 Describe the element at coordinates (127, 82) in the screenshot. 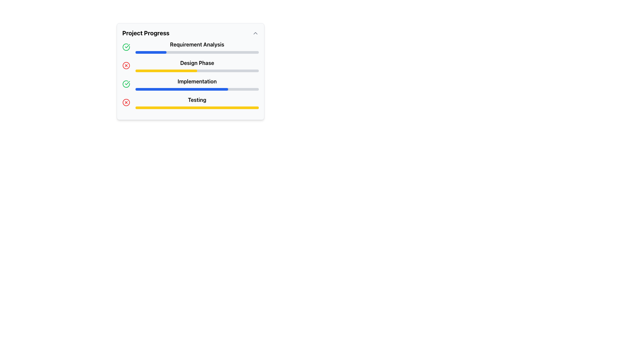

I see `the icon representing the completed phase in the project timeline located to the left of 'Requirement Analysis' in the 'Project Progress' component` at that location.